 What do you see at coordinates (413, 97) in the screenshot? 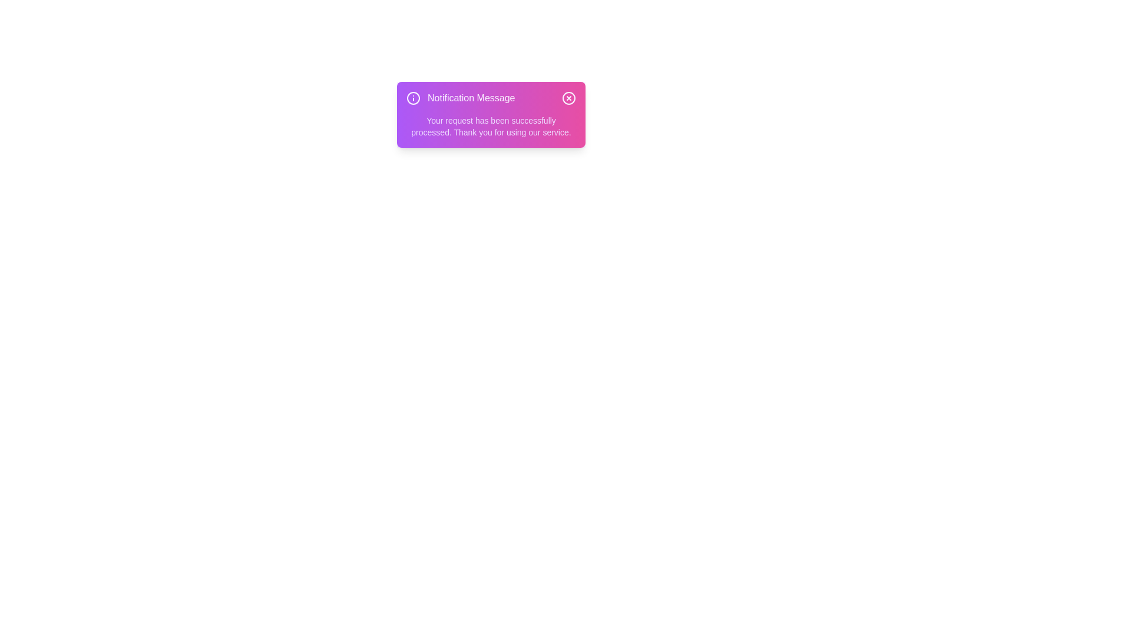
I see `the information icon located in the top-left corner of the notification box to get more information` at bounding box center [413, 97].